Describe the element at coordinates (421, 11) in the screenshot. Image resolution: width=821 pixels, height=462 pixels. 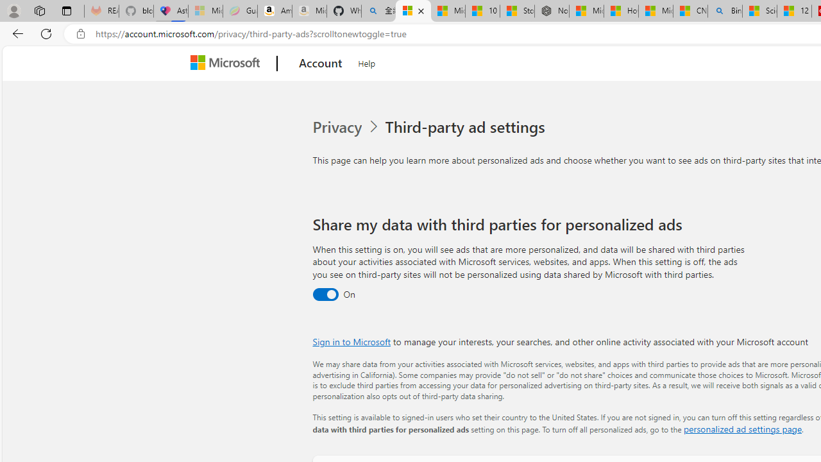
I see `'Close tab'` at that location.